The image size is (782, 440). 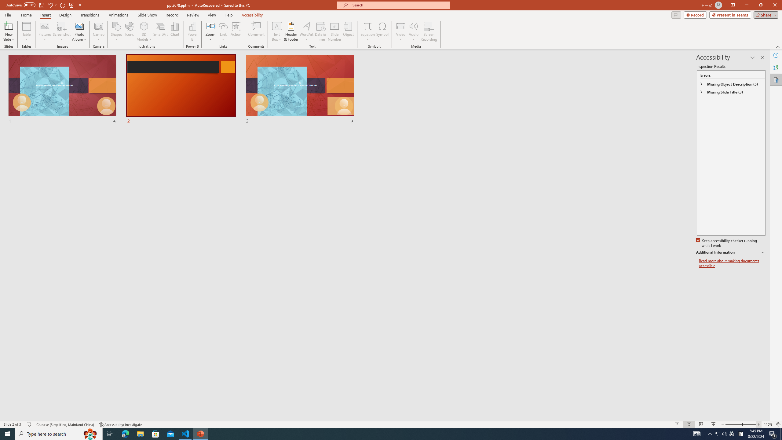 What do you see at coordinates (80, 5) in the screenshot?
I see `'Customize Quick Access Toolbar'` at bounding box center [80, 5].